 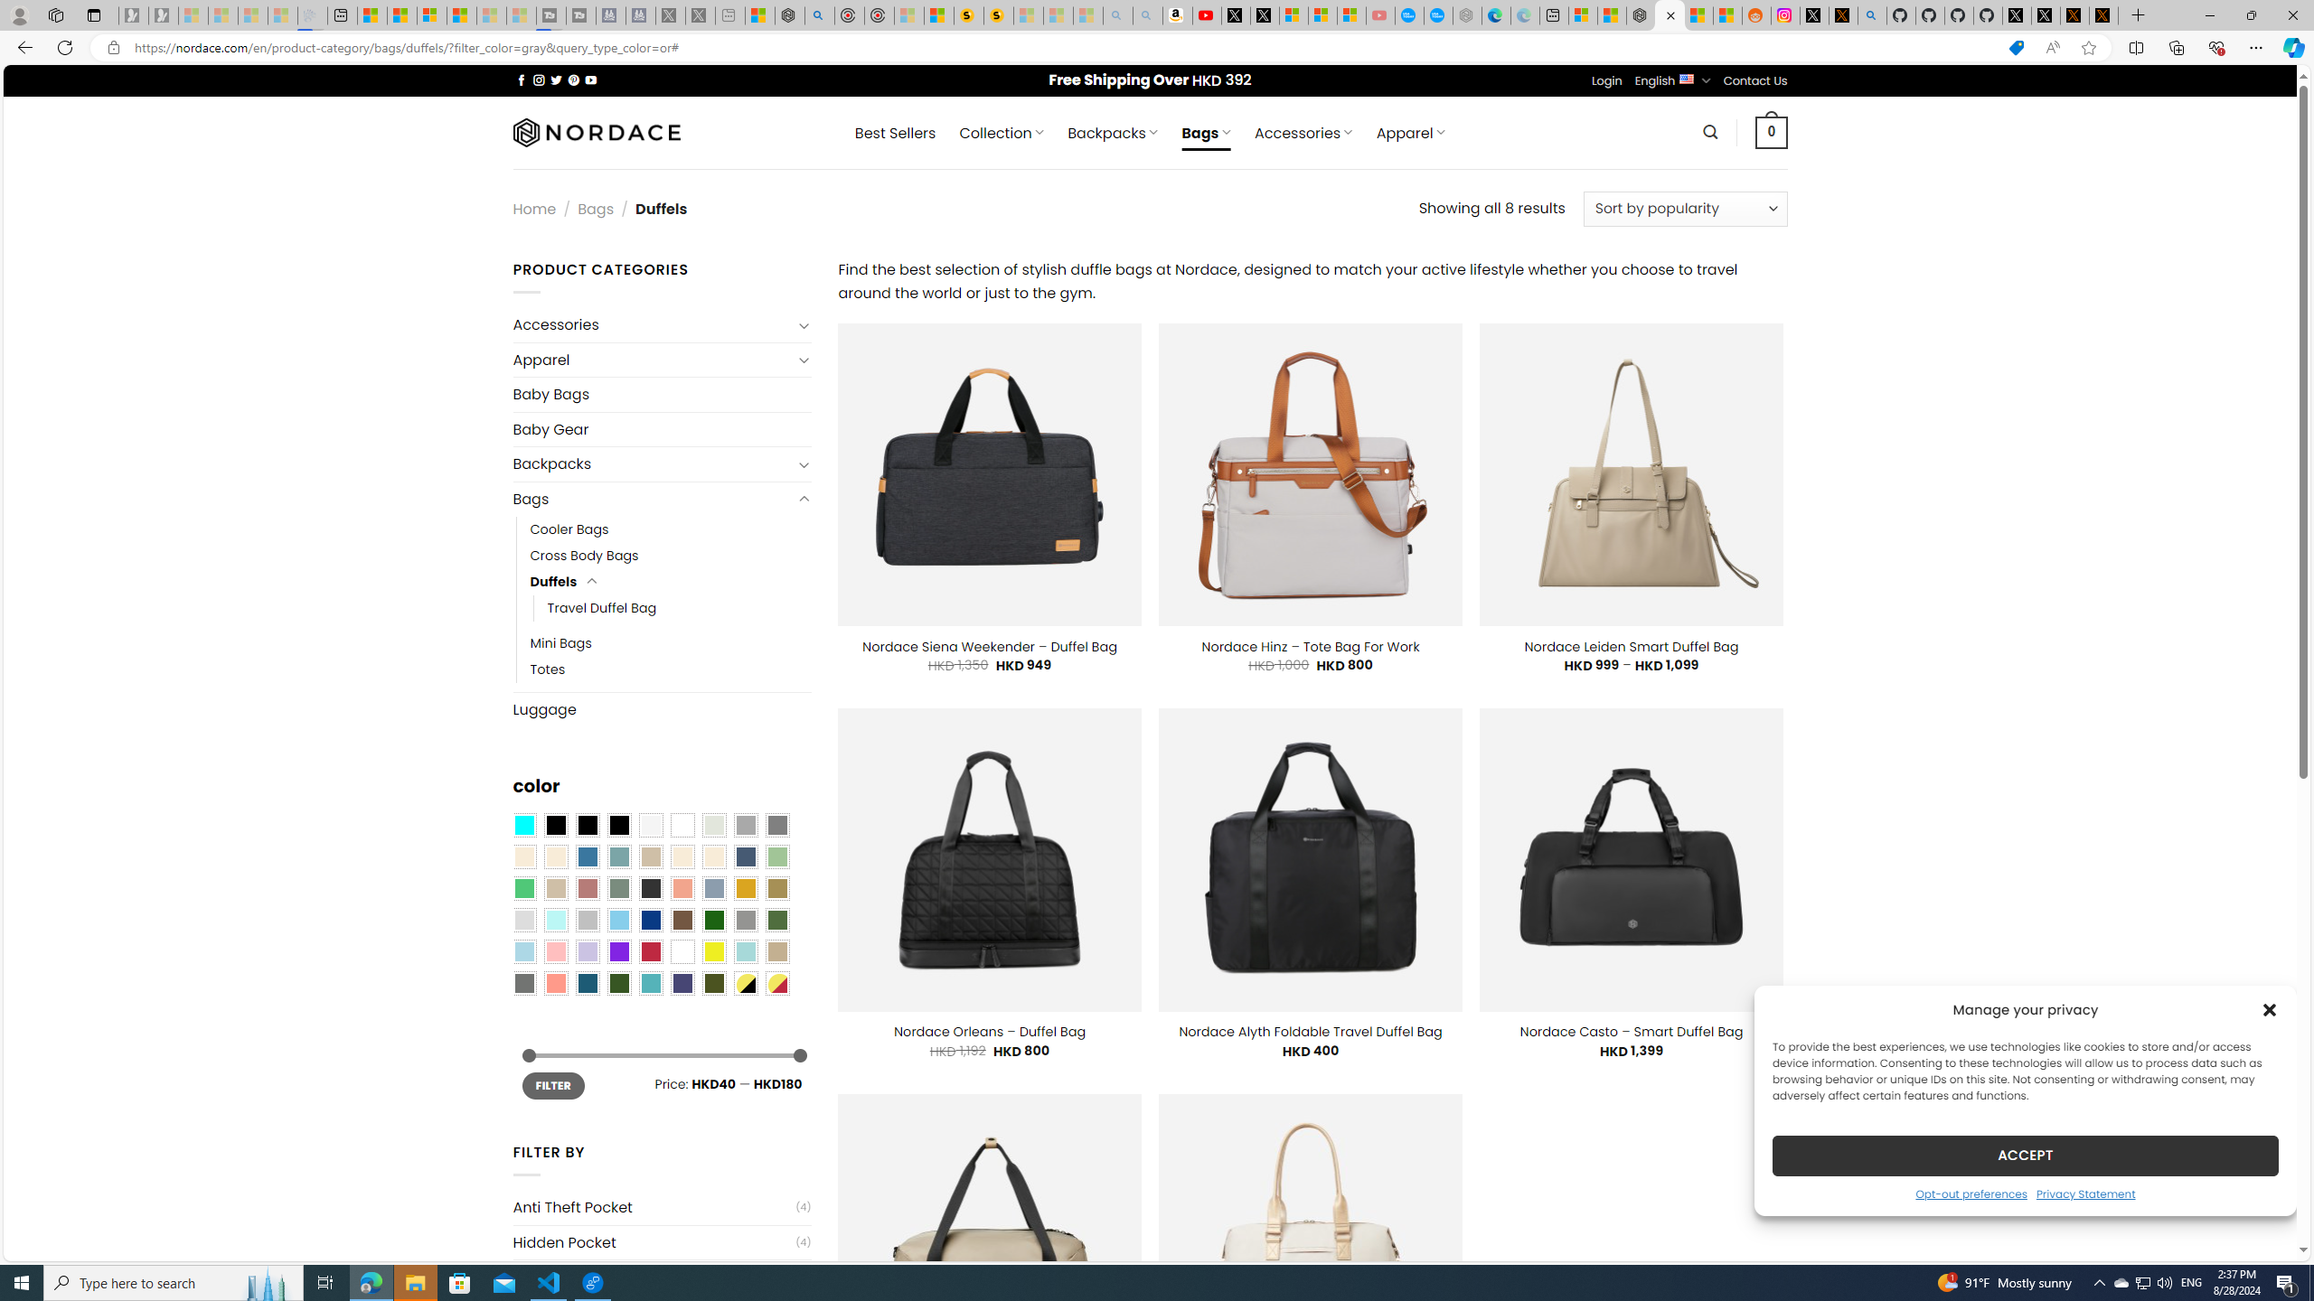 What do you see at coordinates (1772, 131) in the screenshot?
I see `'  0  '` at bounding box center [1772, 131].